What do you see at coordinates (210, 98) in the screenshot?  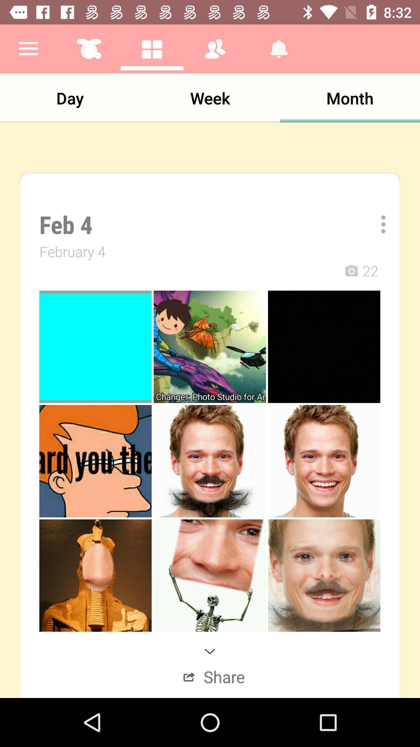 I see `icon next to the month` at bounding box center [210, 98].